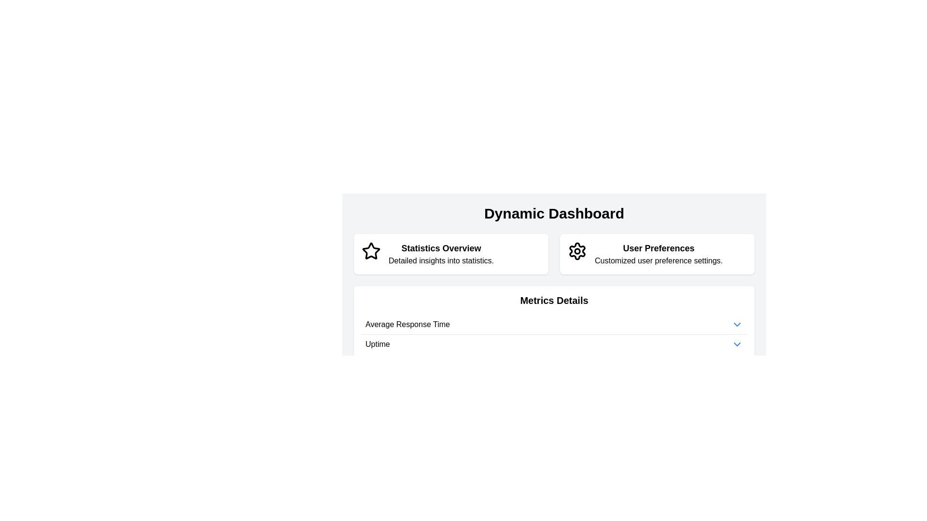 Image resolution: width=927 pixels, height=521 pixels. I want to click on the 'Uptime' text label element, which is located in the Metrics Details section under 'Average Response Time', so click(377, 343).